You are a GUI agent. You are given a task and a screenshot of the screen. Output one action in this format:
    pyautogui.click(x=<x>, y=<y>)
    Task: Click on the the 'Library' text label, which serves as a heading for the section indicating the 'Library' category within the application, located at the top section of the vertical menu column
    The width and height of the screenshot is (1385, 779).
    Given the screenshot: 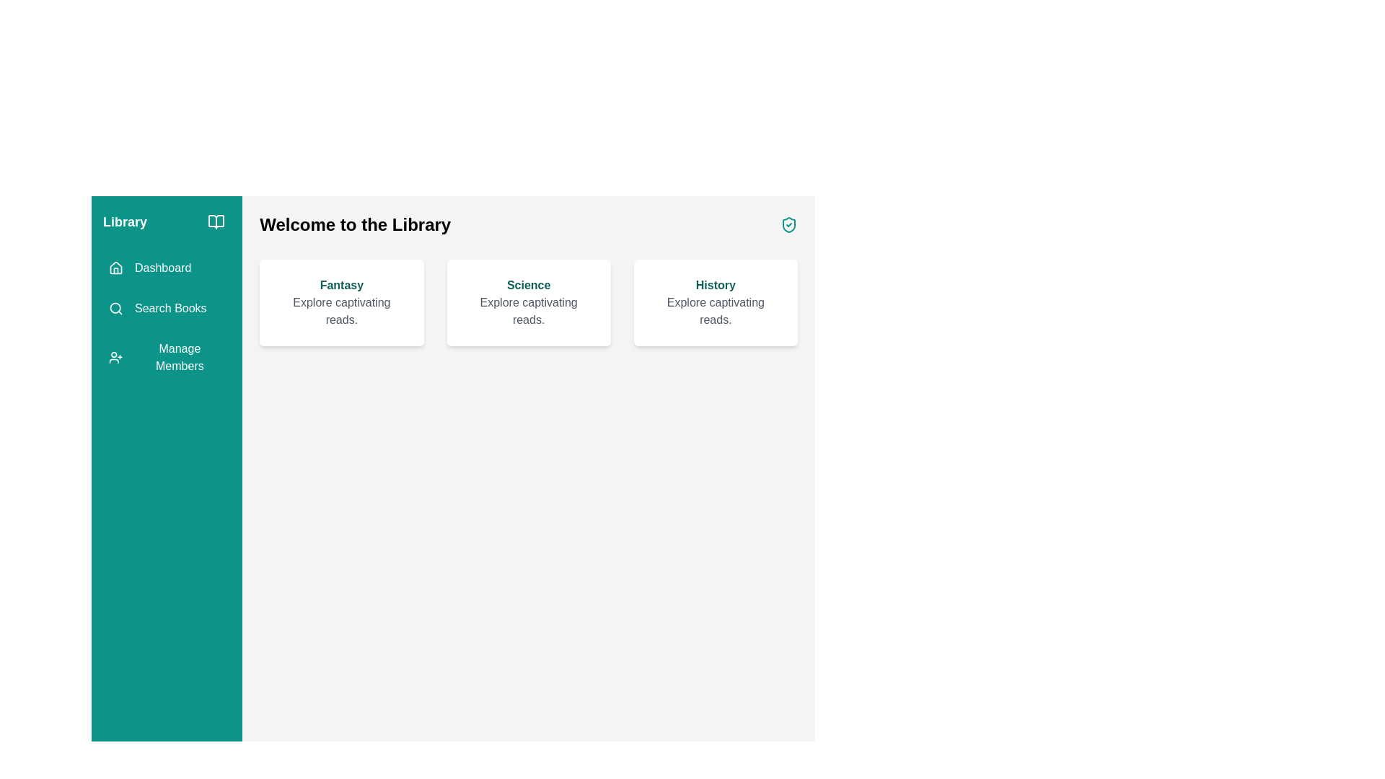 What is the action you would take?
    pyautogui.click(x=125, y=222)
    